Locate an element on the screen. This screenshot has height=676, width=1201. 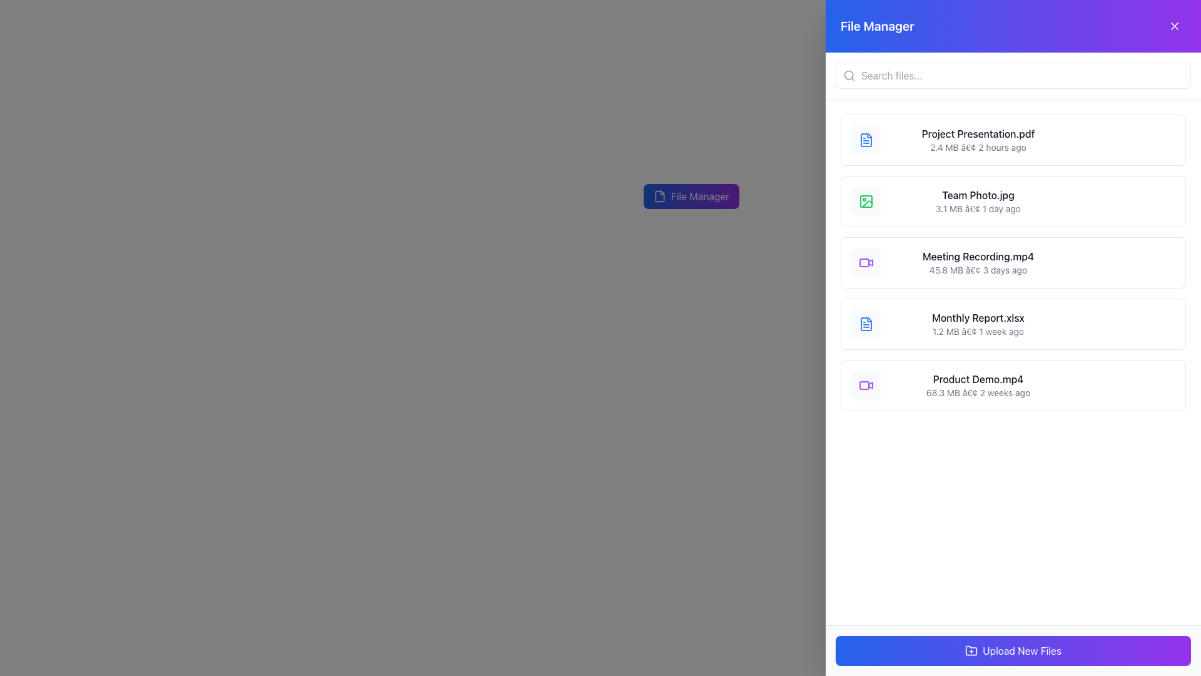
the text label displaying 'Product Demo.mp4' is located at coordinates (978, 378).